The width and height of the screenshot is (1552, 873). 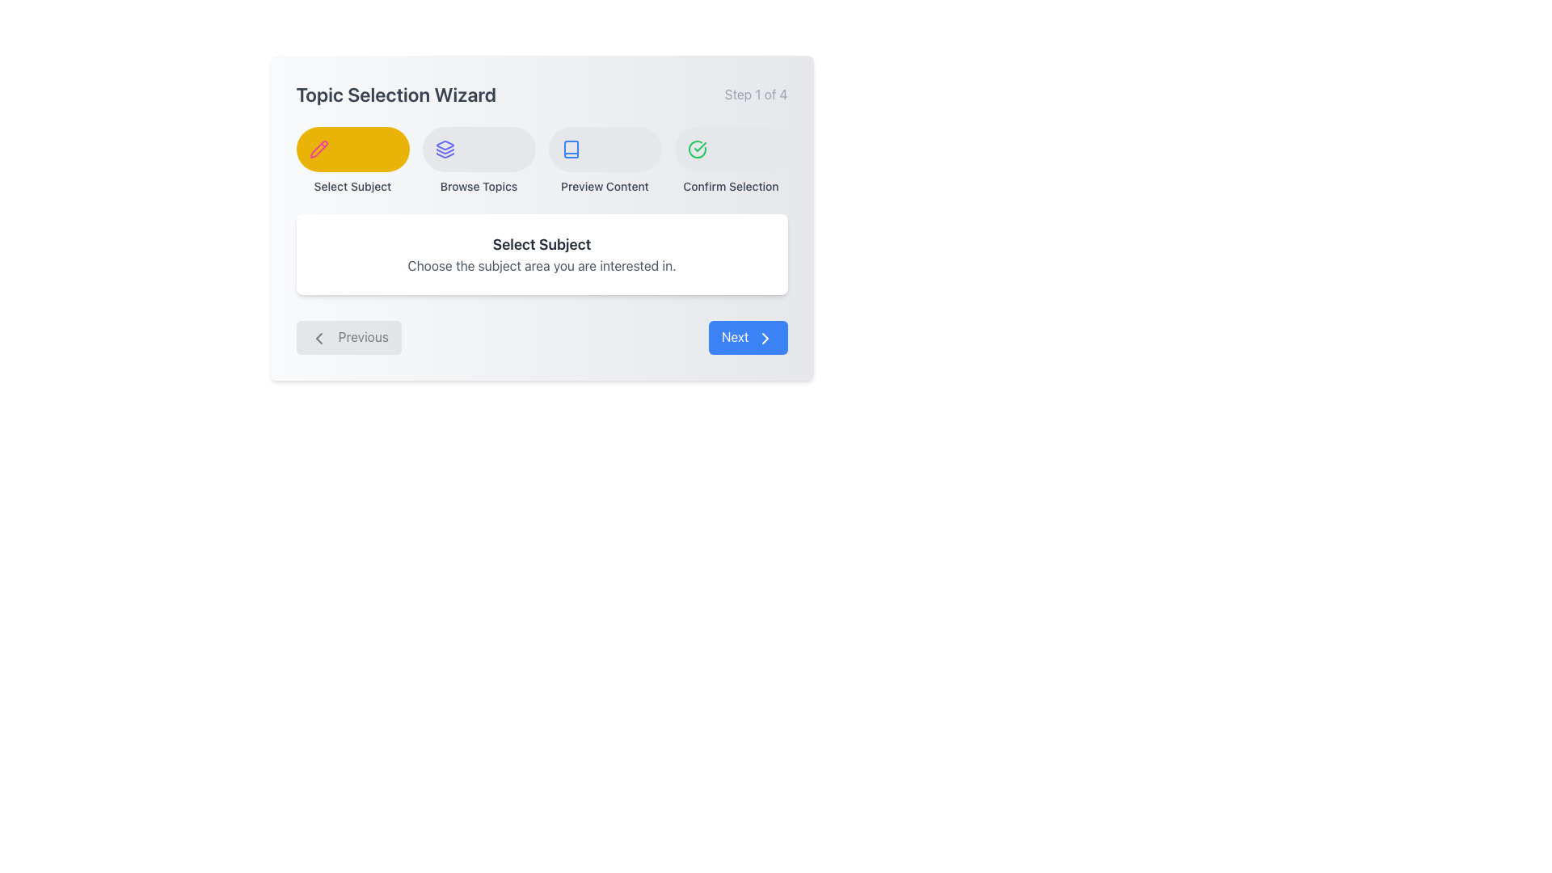 I want to click on the static text label reading 'Choose the subject area you are interested in.' located below the bold heading 'Select Subject' within the white panel, so click(x=542, y=264).